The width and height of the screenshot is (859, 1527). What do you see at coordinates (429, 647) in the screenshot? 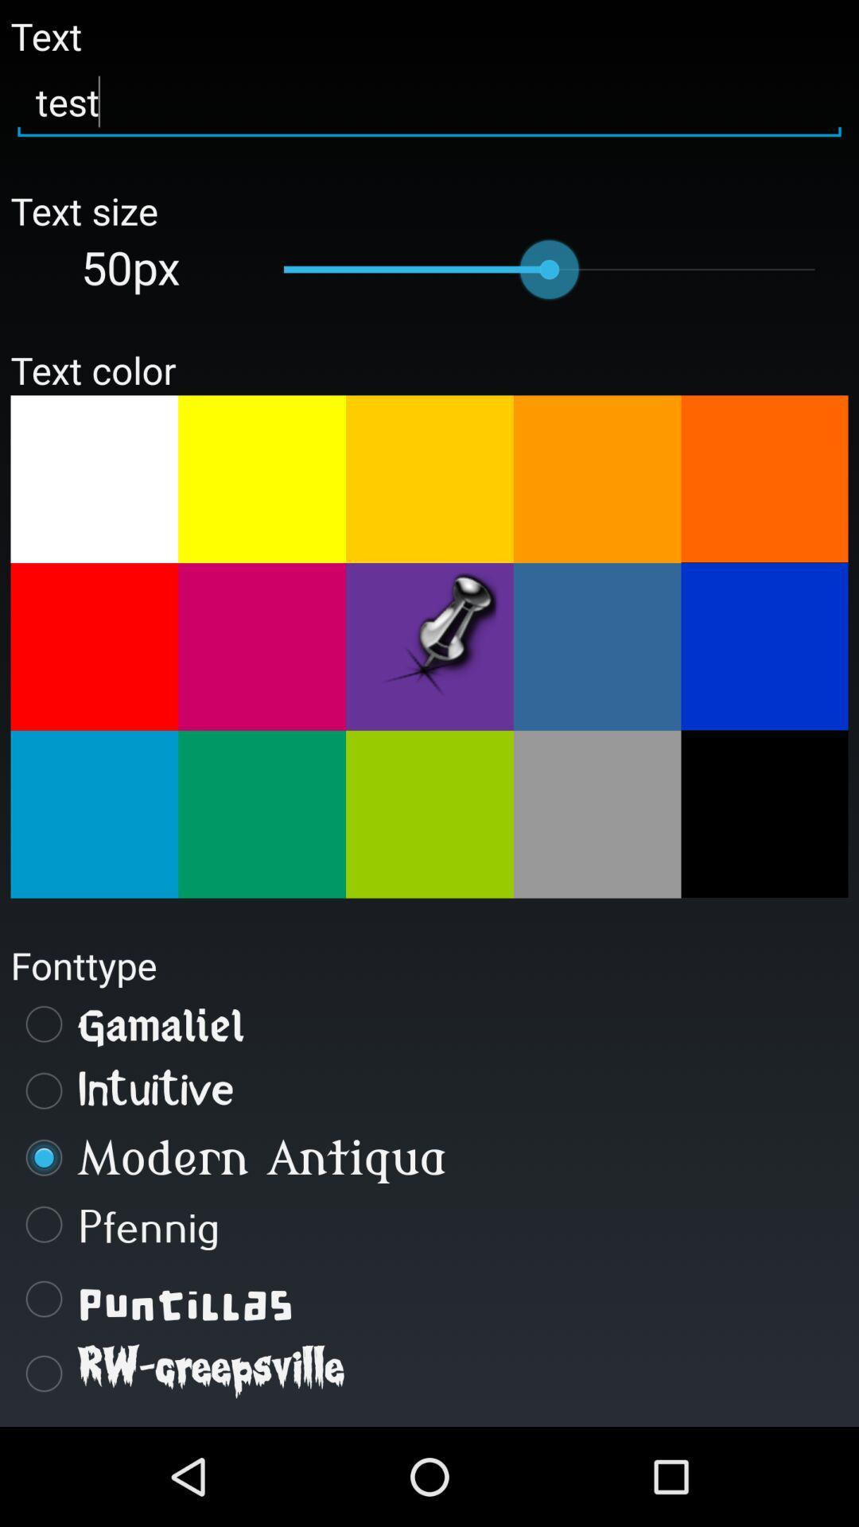
I see `choose color` at bounding box center [429, 647].